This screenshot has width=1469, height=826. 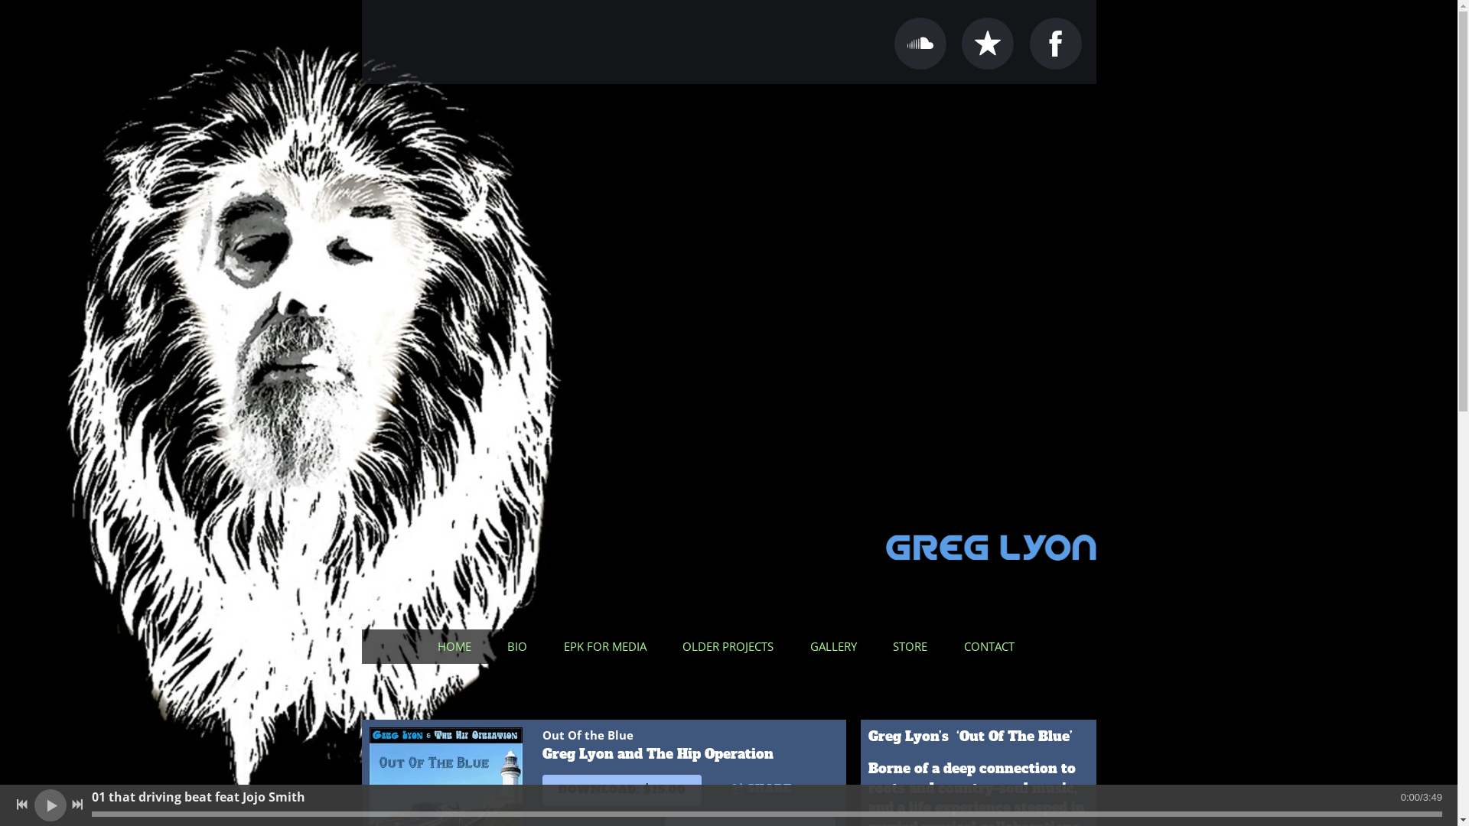 What do you see at coordinates (607, 646) in the screenshot?
I see `'EPK FOR MEDIA'` at bounding box center [607, 646].